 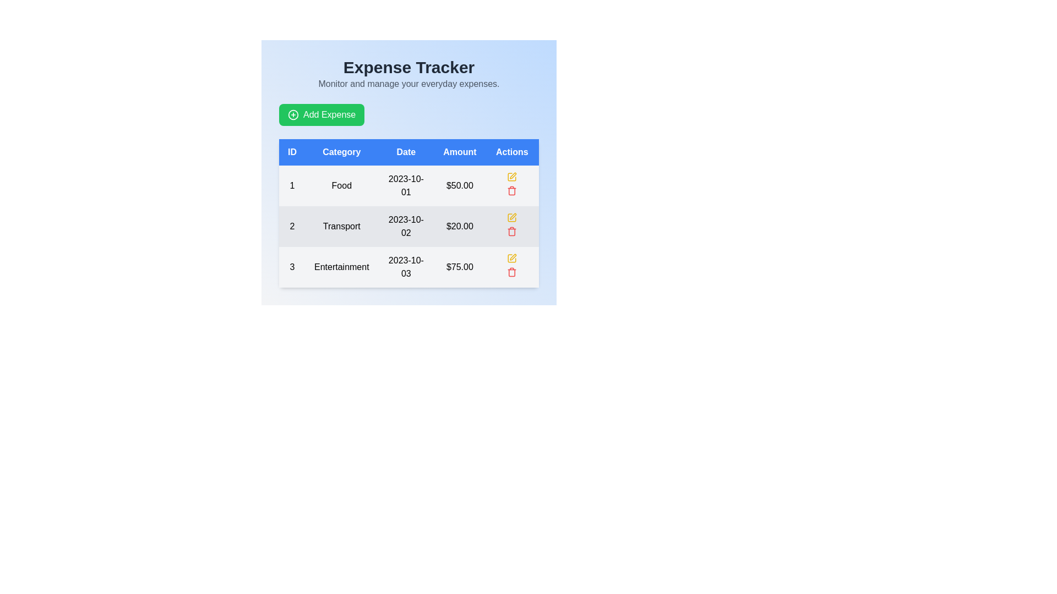 I want to click on the 'Entertainment' label displayed in black font within a light background, located in the third row of the 'Category' column, so click(x=341, y=267).